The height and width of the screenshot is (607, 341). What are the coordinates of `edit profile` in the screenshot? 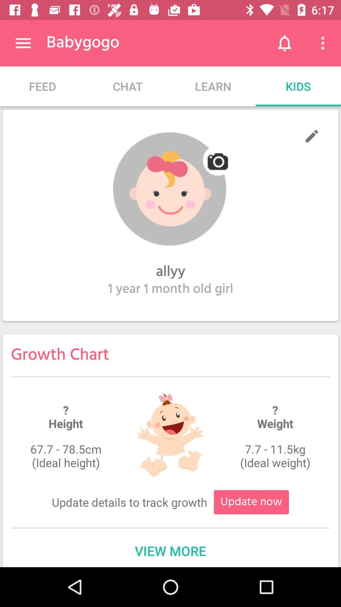 It's located at (311, 136).